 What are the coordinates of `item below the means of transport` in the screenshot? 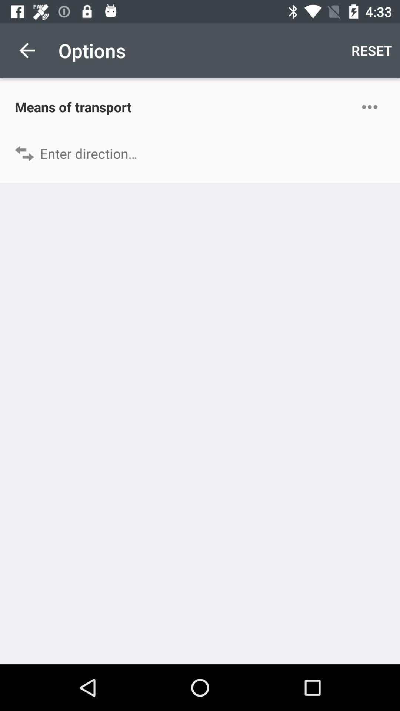 It's located at (200, 153).